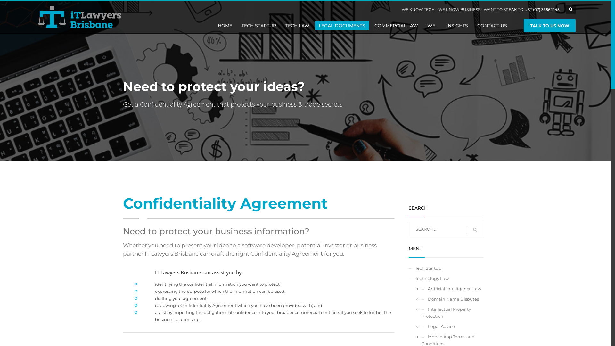 This screenshot has height=346, width=615. I want to click on 'TECH LAW', so click(297, 25).